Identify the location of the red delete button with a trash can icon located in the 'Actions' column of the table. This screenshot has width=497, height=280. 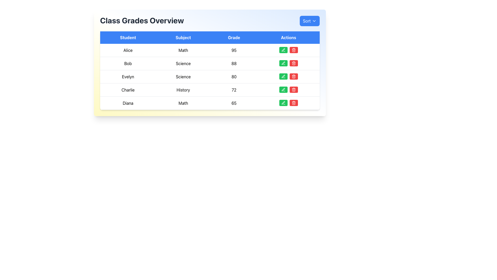
(294, 50).